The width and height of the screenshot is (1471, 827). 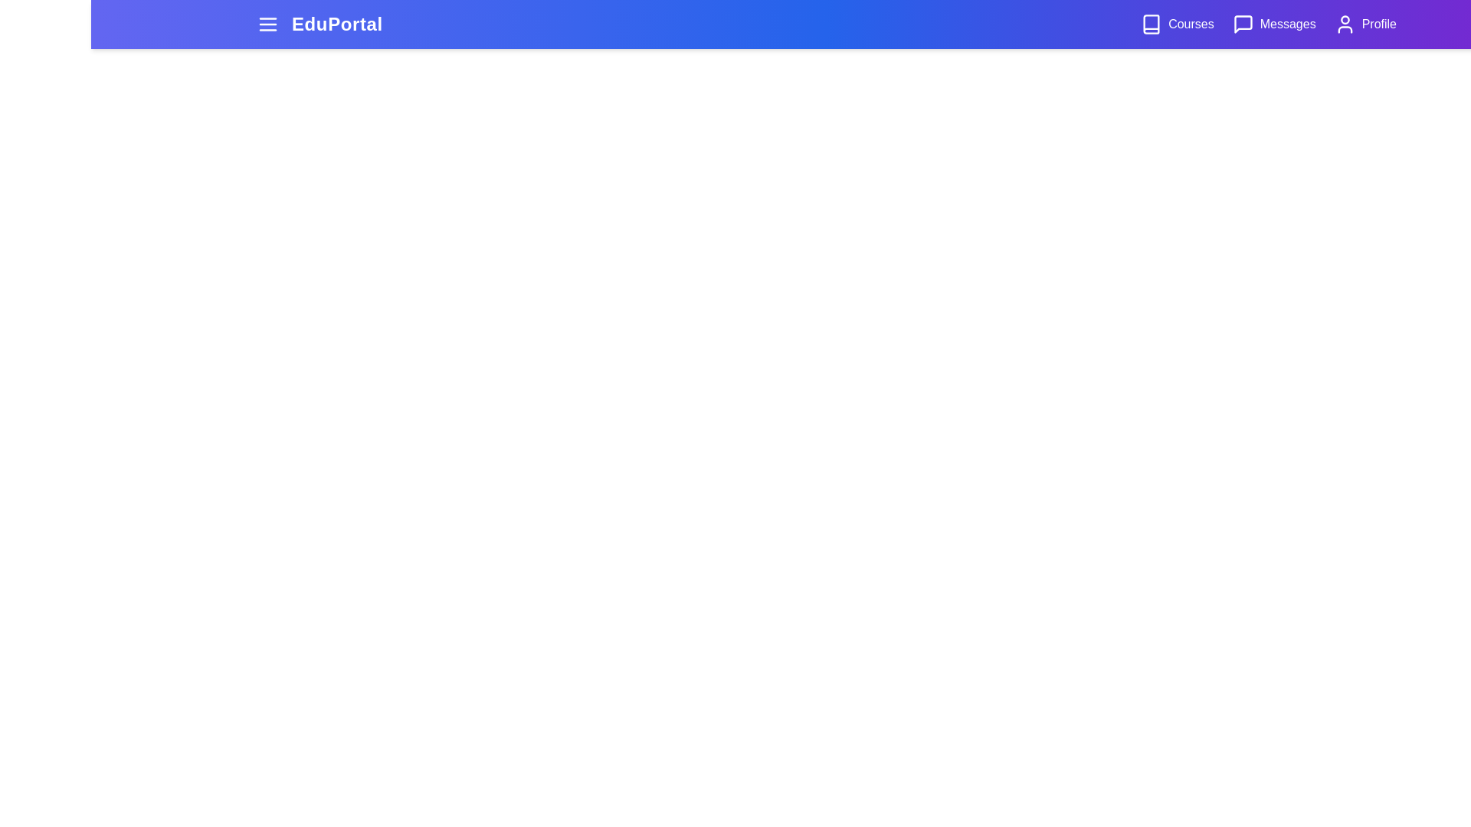 I want to click on the 'Courses' button to navigate to the courses section, so click(x=1176, y=24).